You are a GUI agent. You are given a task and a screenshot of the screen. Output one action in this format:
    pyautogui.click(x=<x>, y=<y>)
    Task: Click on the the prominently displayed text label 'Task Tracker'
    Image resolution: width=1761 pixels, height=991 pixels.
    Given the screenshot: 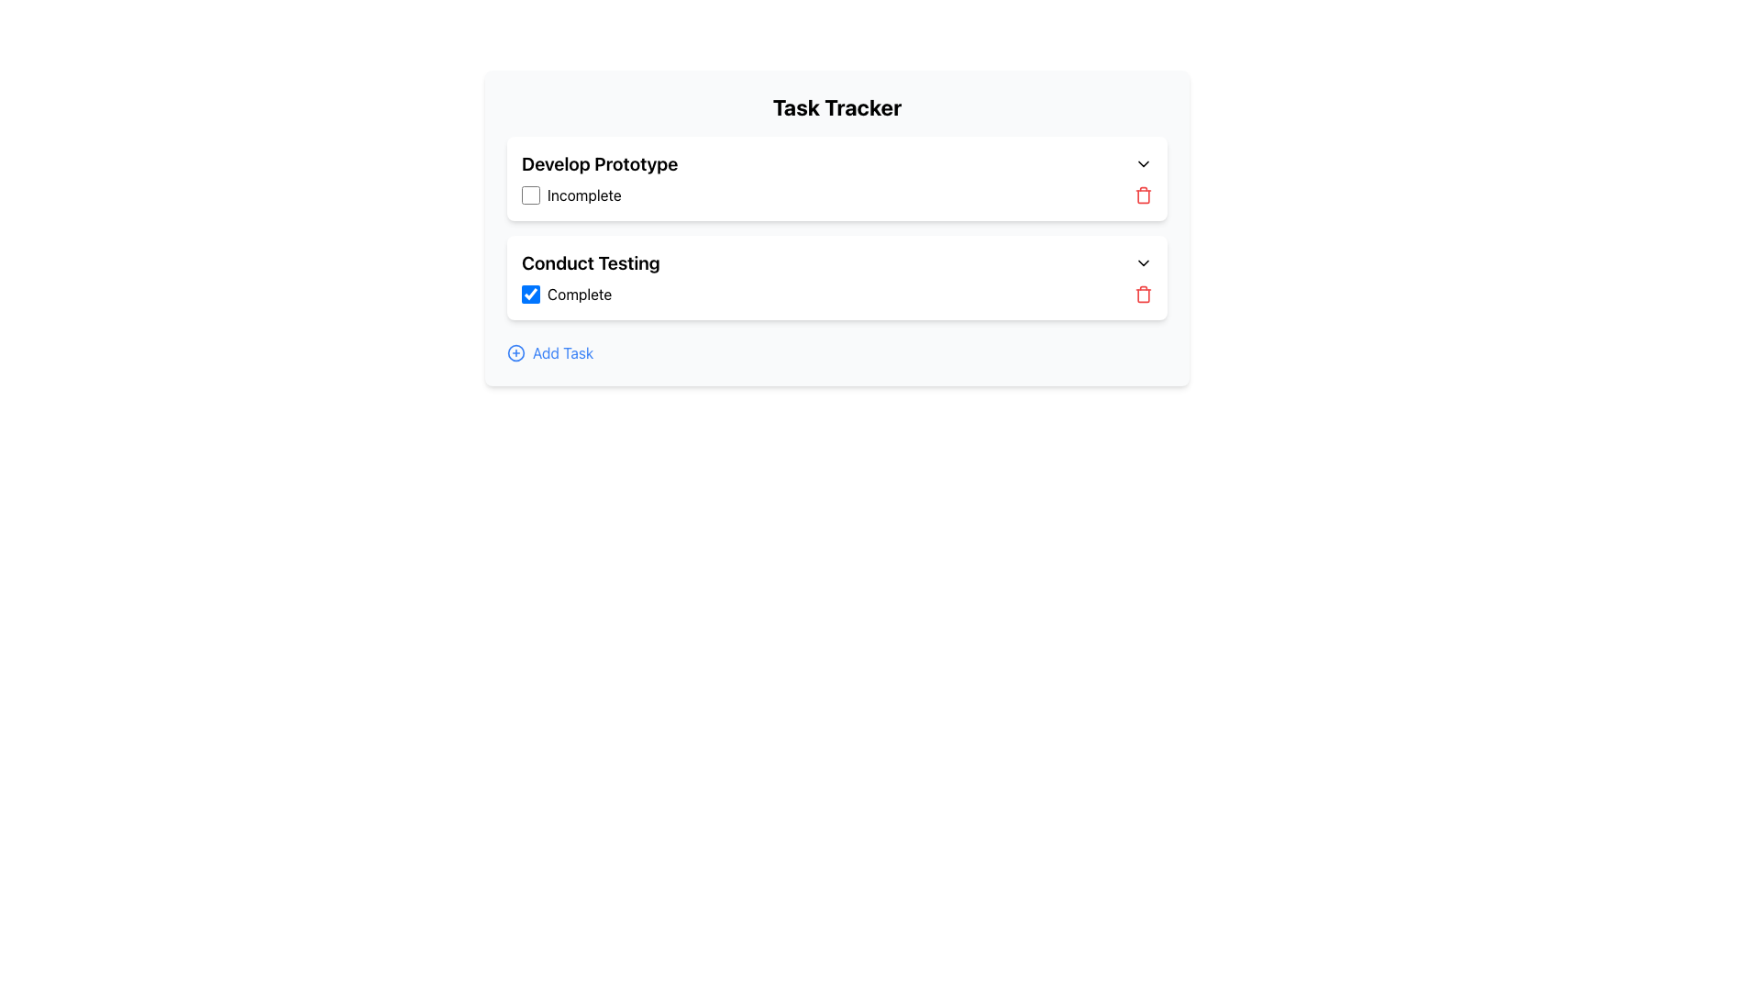 What is the action you would take?
    pyautogui.click(x=836, y=106)
    